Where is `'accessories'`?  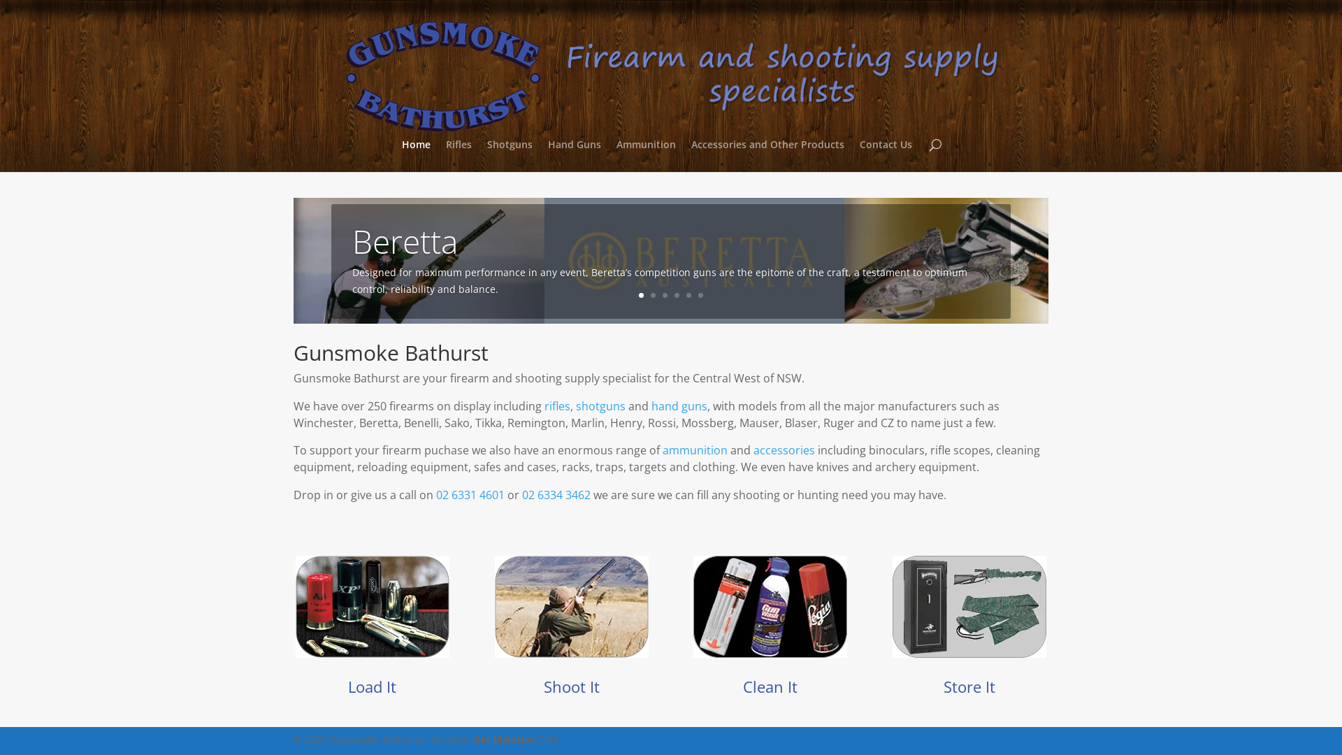 'accessories' is located at coordinates (784, 450).